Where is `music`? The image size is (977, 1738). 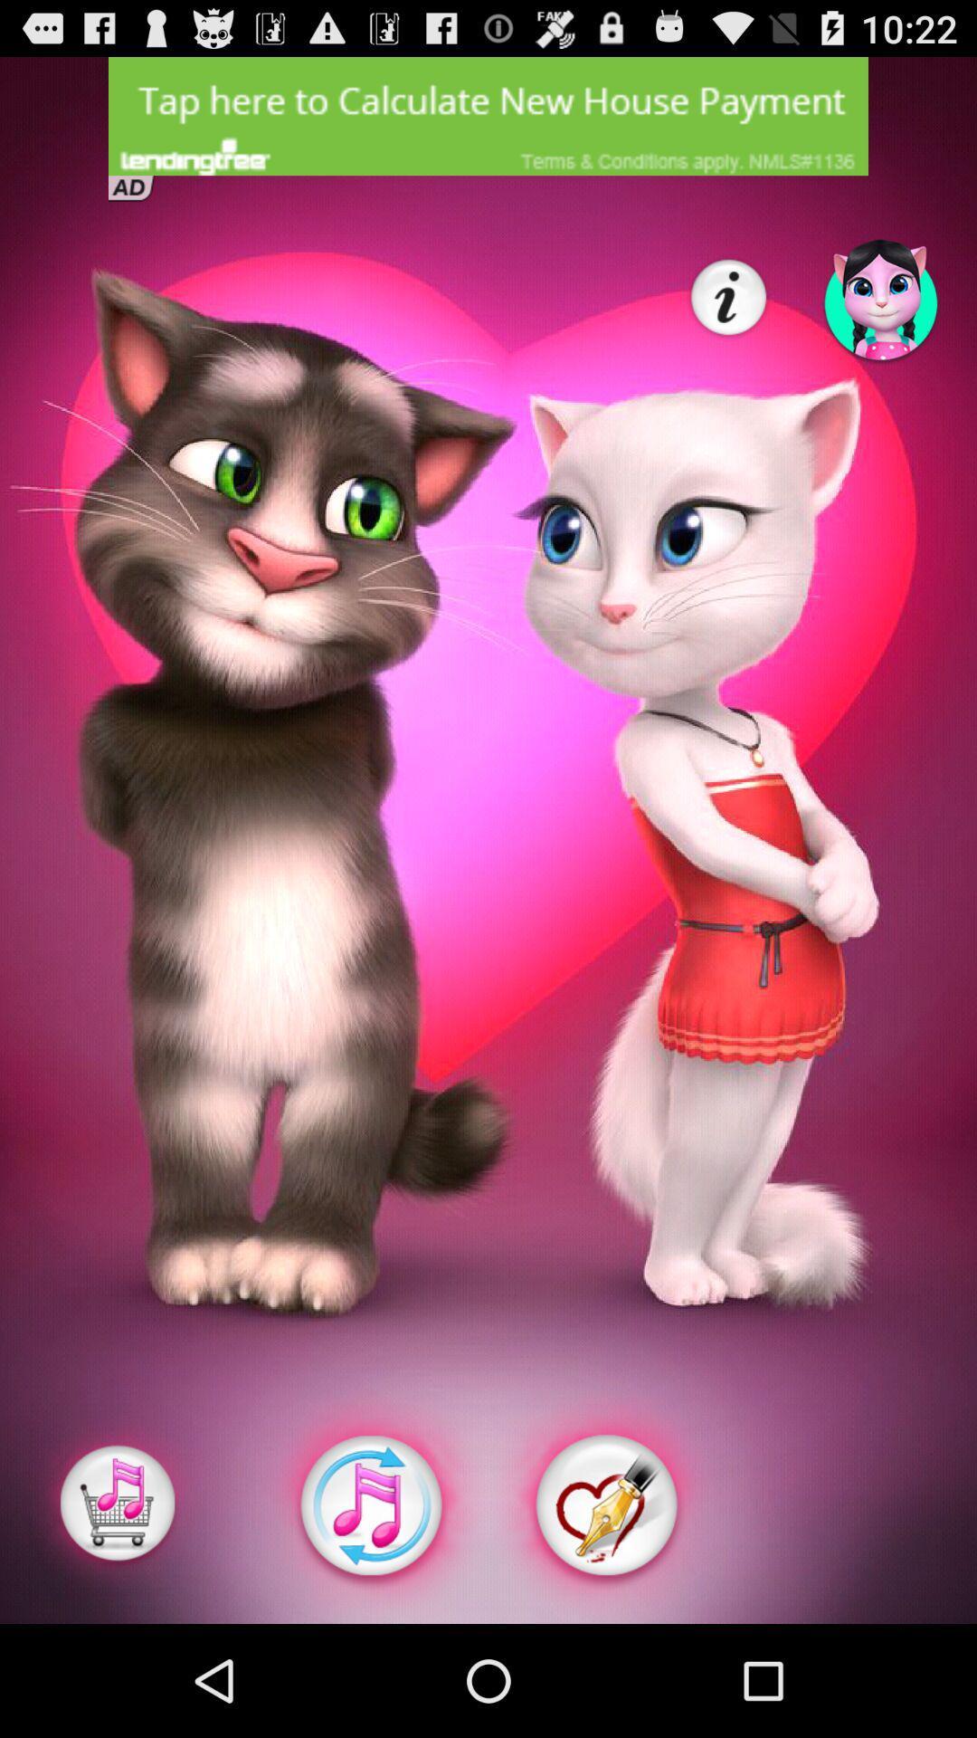 music is located at coordinates (369, 1505).